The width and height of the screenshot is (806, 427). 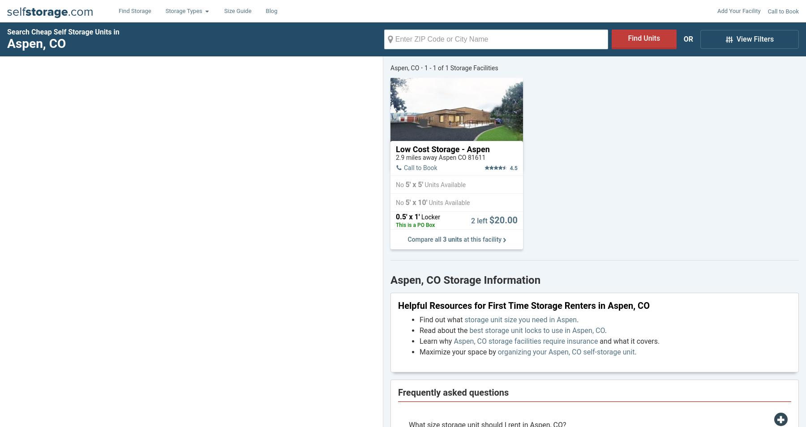 I want to click on 'Helpful Resources for First Time Storage Renters in Aspen, CO', so click(x=523, y=305).